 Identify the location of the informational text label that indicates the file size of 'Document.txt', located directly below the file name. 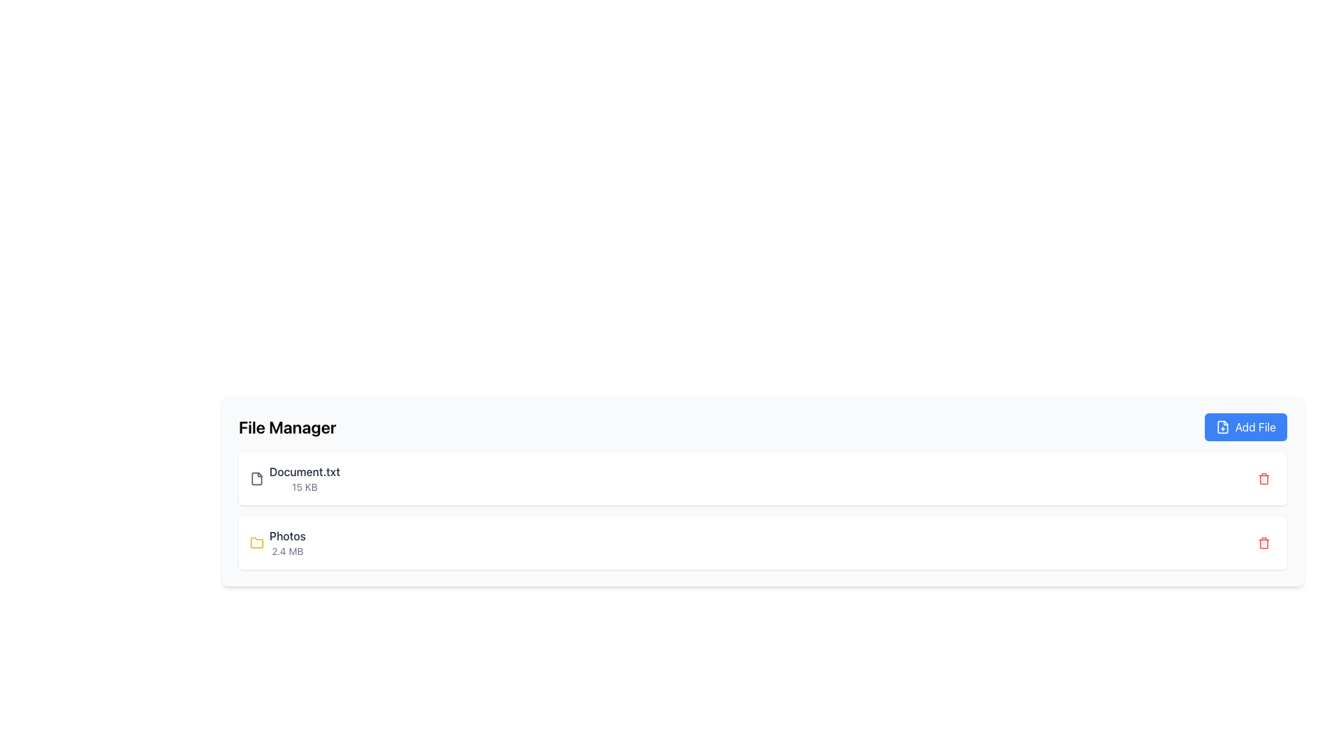
(304, 487).